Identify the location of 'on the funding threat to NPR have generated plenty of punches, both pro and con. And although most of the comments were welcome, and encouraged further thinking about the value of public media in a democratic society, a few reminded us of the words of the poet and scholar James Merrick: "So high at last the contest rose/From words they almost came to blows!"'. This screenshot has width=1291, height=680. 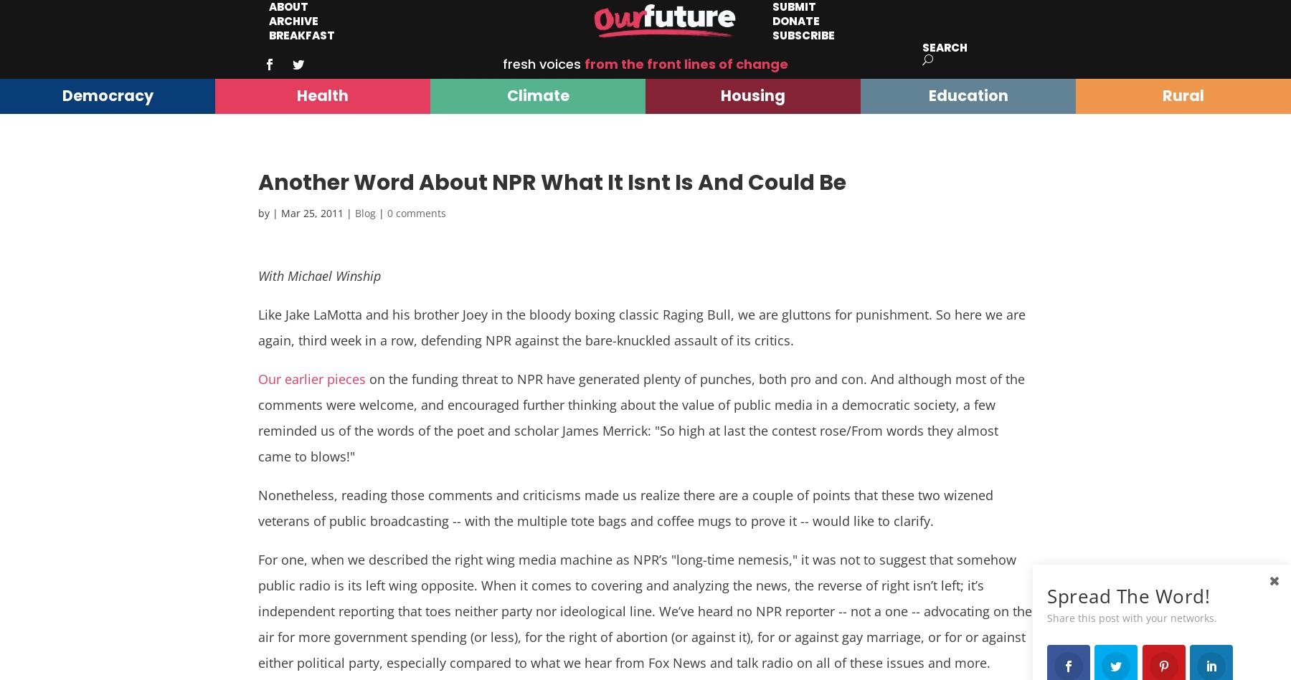
(641, 416).